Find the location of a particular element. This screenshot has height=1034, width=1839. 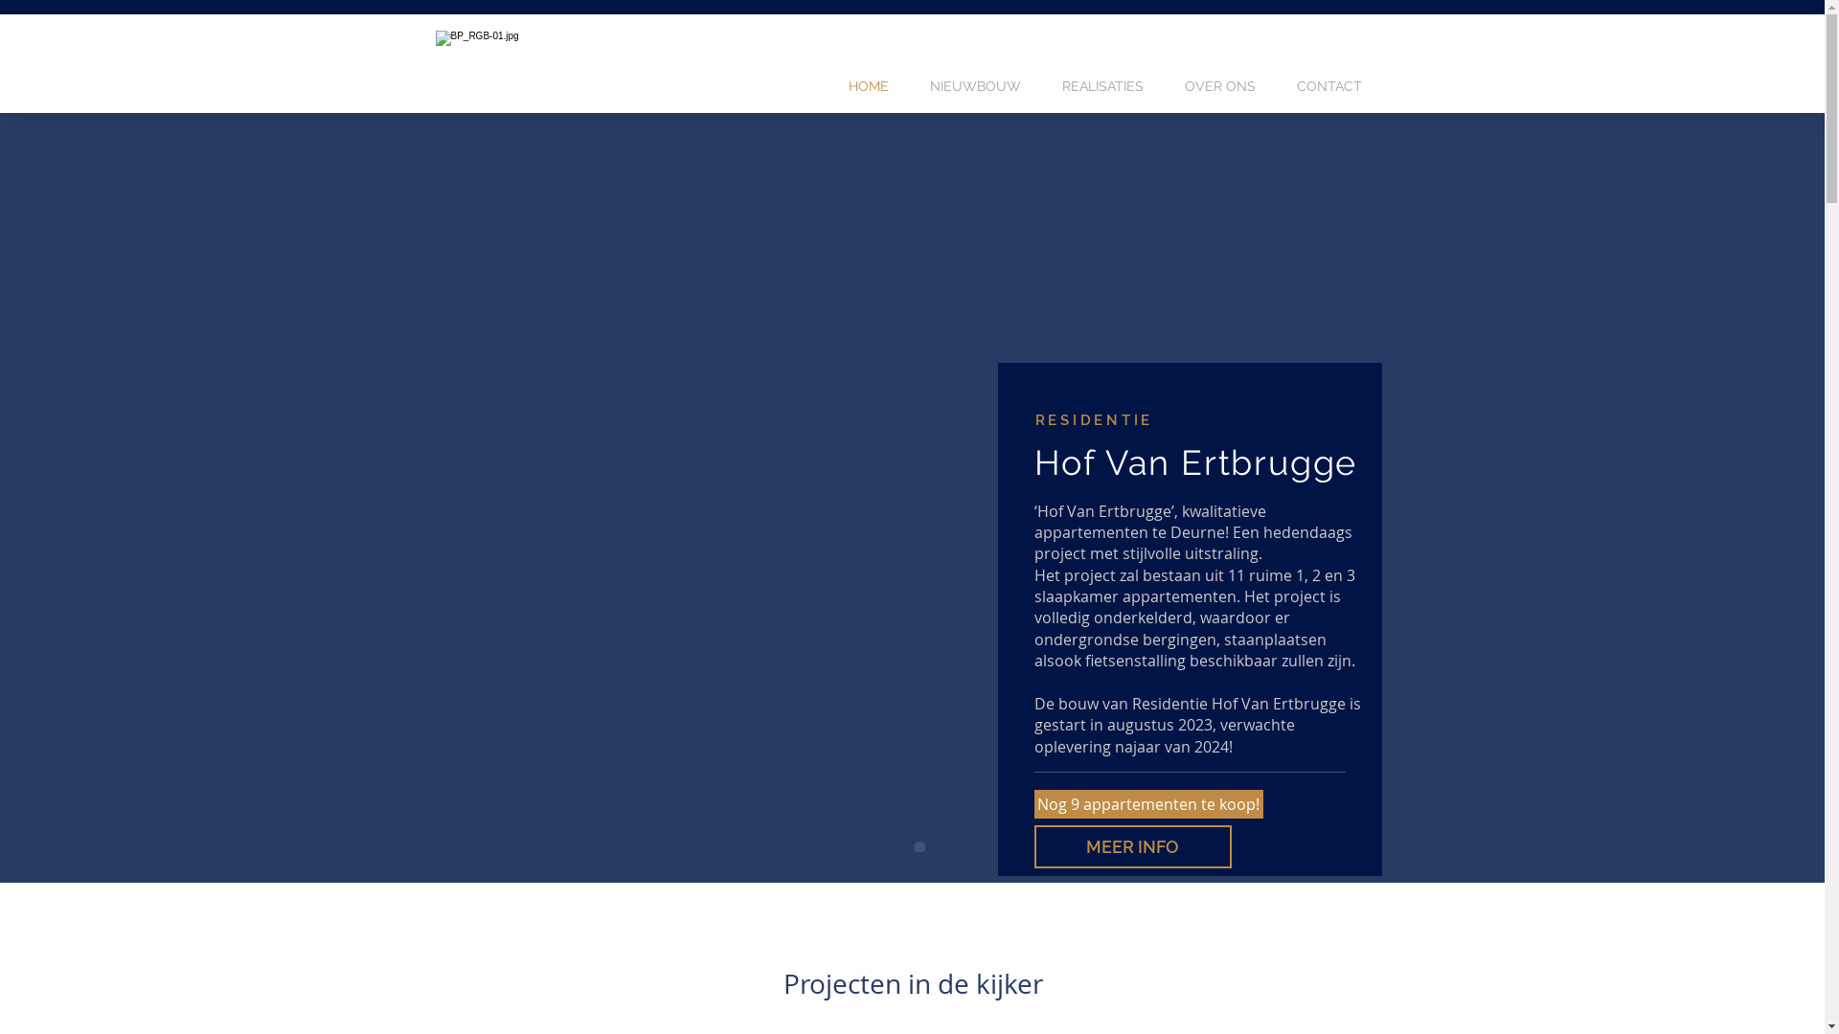

'Nog 9 appartementen te koop!' is located at coordinates (1148, 804).